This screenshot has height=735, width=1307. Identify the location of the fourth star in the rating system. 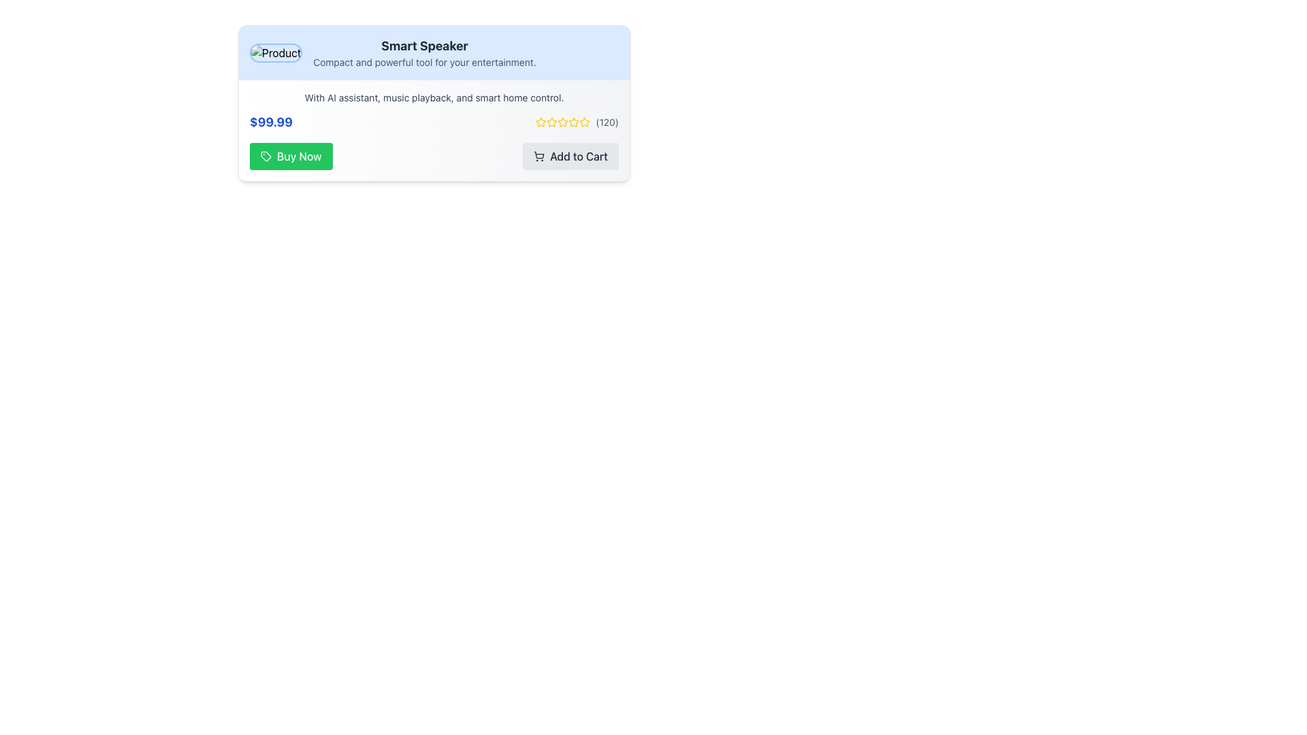
(585, 121).